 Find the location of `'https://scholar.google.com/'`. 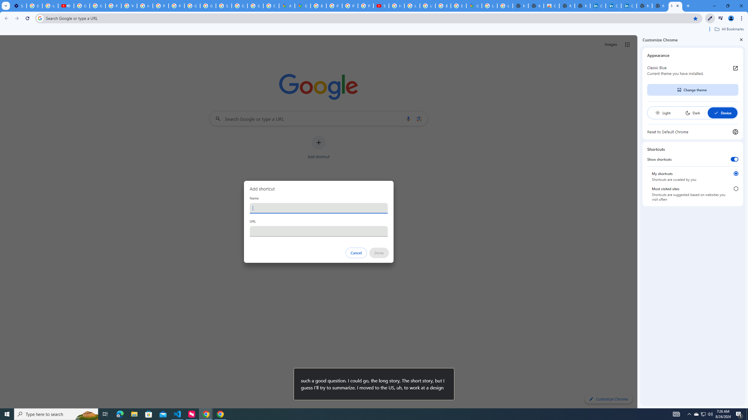

'https://scholar.google.com/' is located at coordinates (145, 6).